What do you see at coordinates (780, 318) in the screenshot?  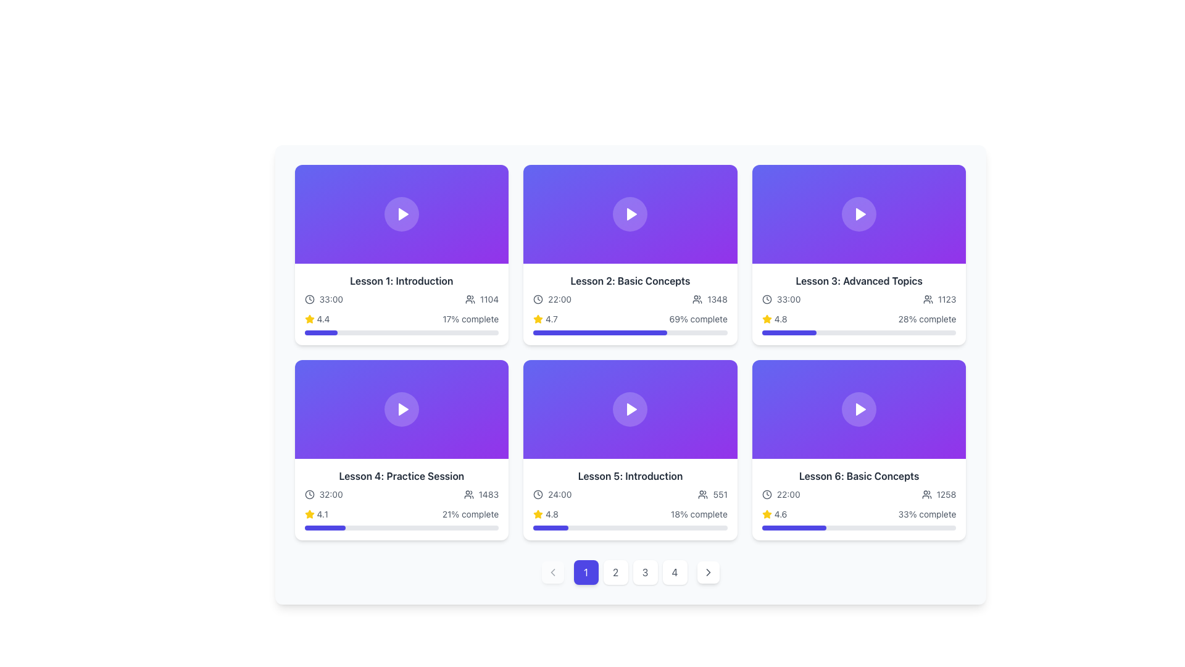 I see `the rating value displayed in the text label for 'Lesson 5: Introduction', which shows a score of '4.8' near the star rating indicator` at bounding box center [780, 318].